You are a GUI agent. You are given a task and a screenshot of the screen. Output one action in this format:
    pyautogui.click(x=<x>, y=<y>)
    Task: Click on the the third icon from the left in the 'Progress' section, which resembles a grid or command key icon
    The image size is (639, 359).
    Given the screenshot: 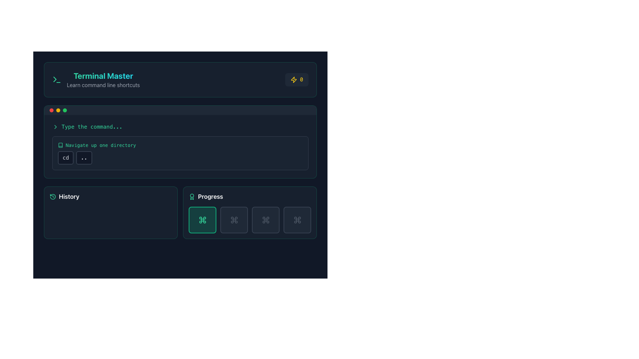 What is the action you would take?
    pyautogui.click(x=265, y=220)
    